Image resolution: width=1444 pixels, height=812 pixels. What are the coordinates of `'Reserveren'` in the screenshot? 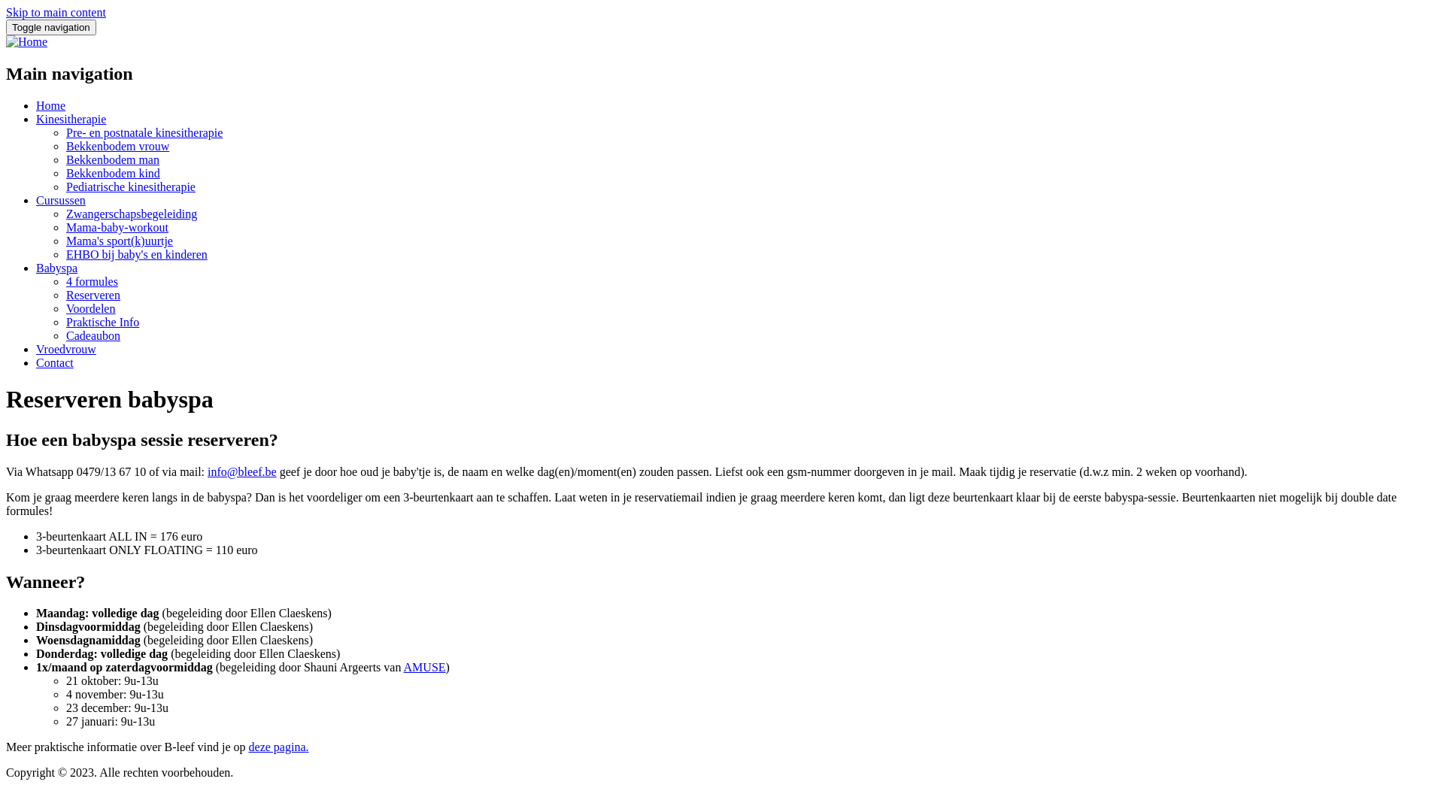 It's located at (93, 295).